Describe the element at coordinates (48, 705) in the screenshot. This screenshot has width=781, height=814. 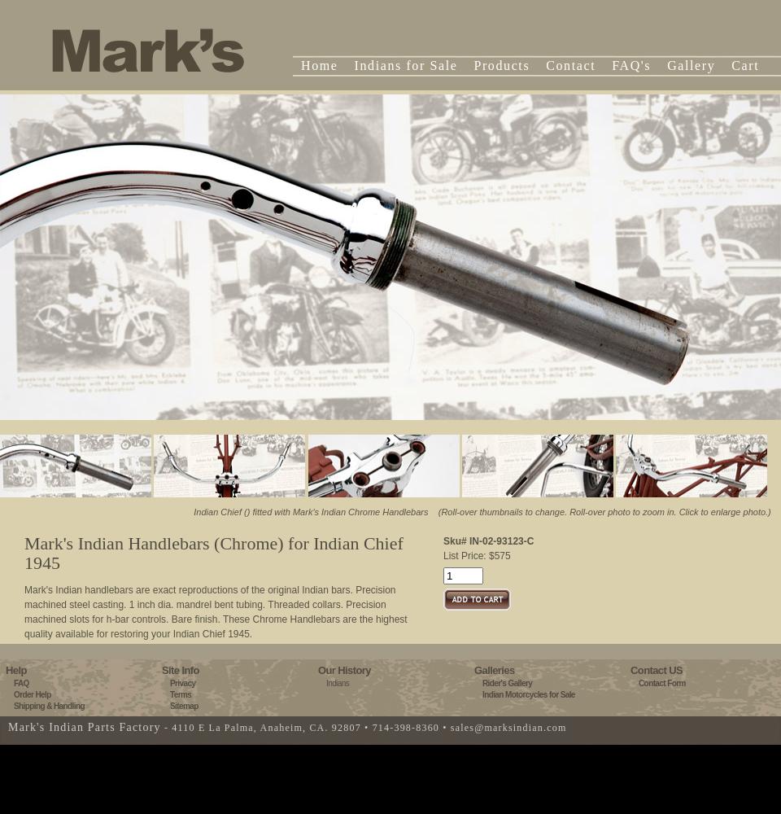
I see `'Shipping & Handling'` at that location.